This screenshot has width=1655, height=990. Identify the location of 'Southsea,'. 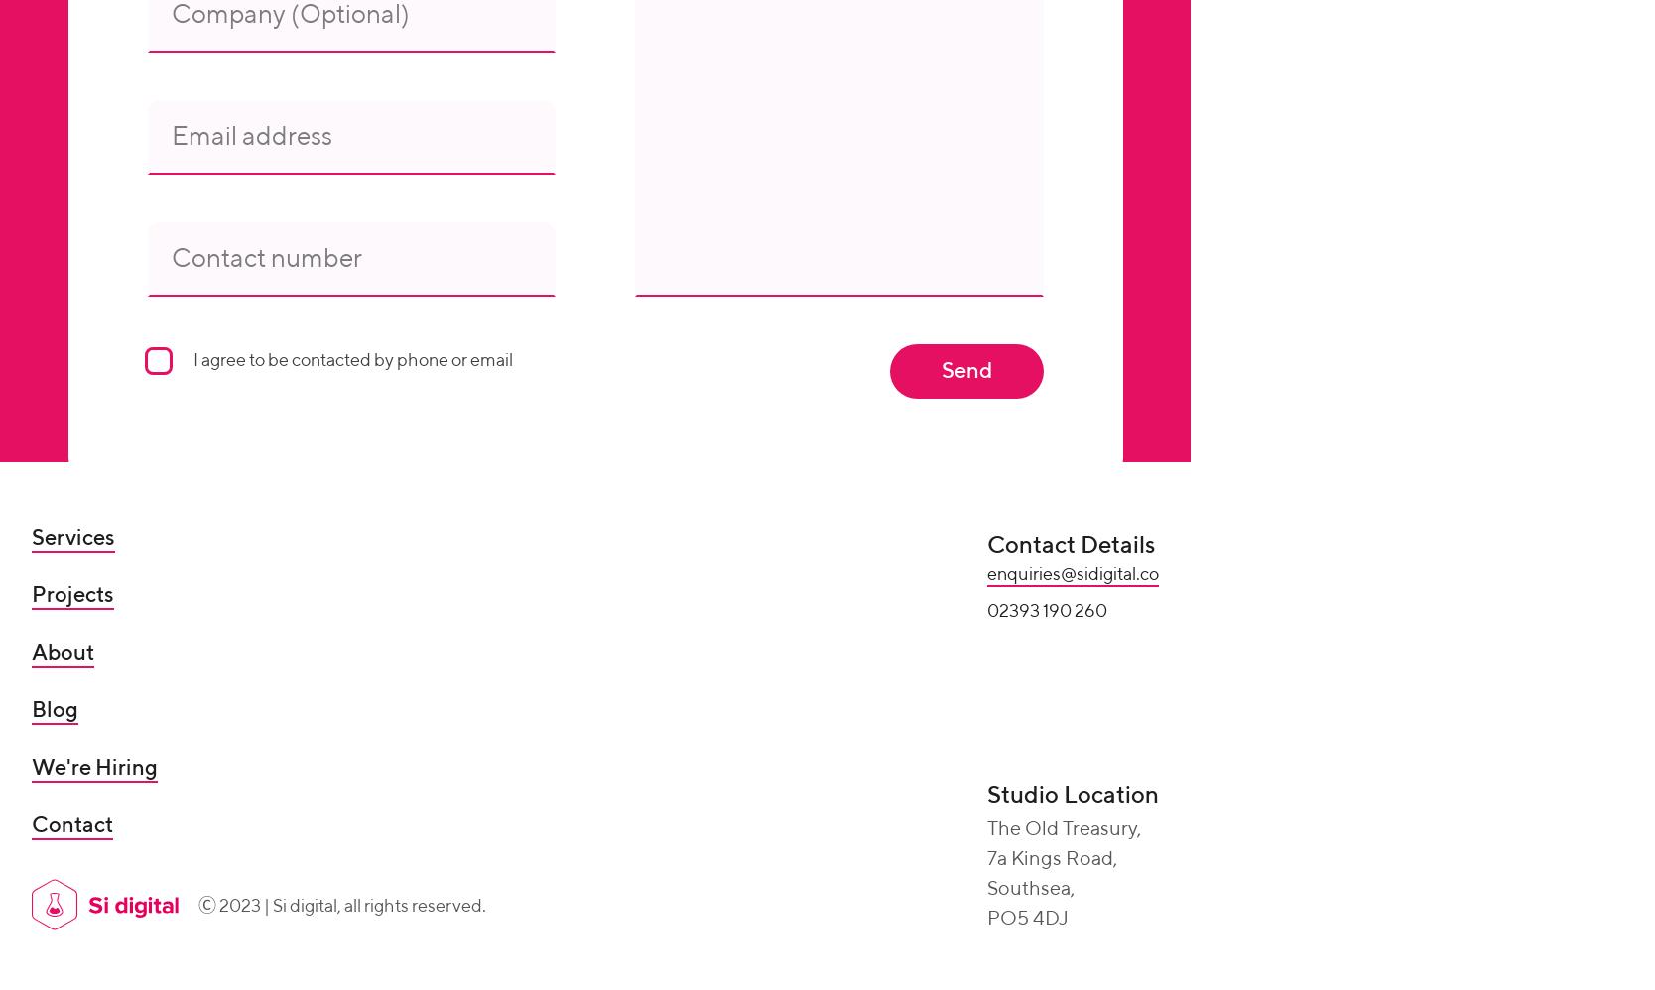
(1030, 889).